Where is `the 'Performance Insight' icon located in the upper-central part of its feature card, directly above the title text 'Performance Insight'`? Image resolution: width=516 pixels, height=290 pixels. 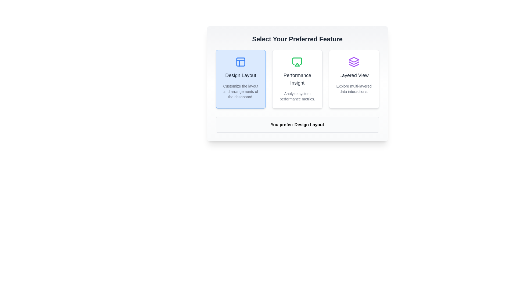 the 'Performance Insight' icon located in the upper-central part of its feature card, directly above the title text 'Performance Insight' is located at coordinates (297, 62).